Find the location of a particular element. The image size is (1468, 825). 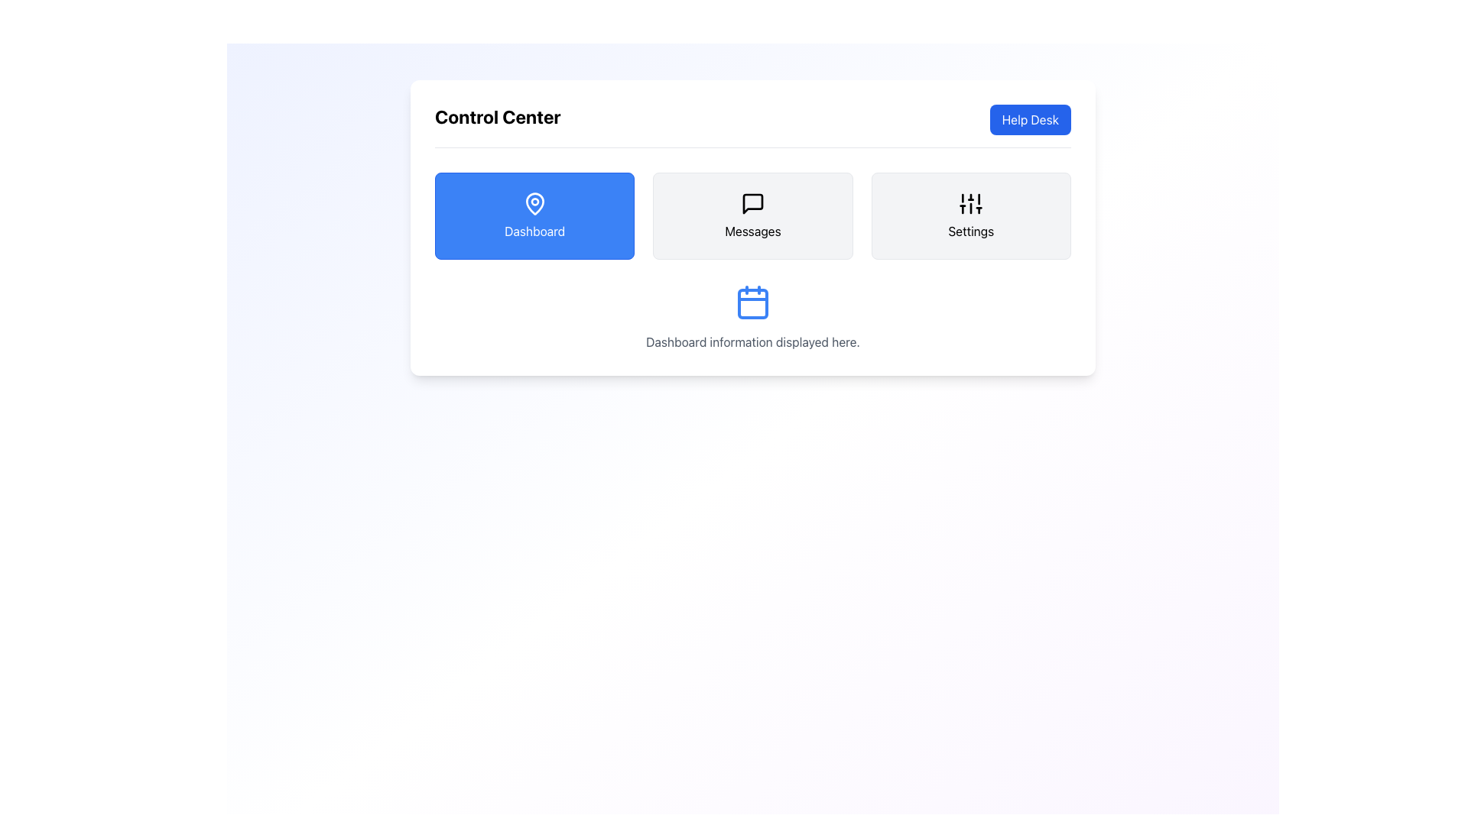

text of the label that describes the settings icon located as the third option from the left in the card is located at coordinates (970, 231).